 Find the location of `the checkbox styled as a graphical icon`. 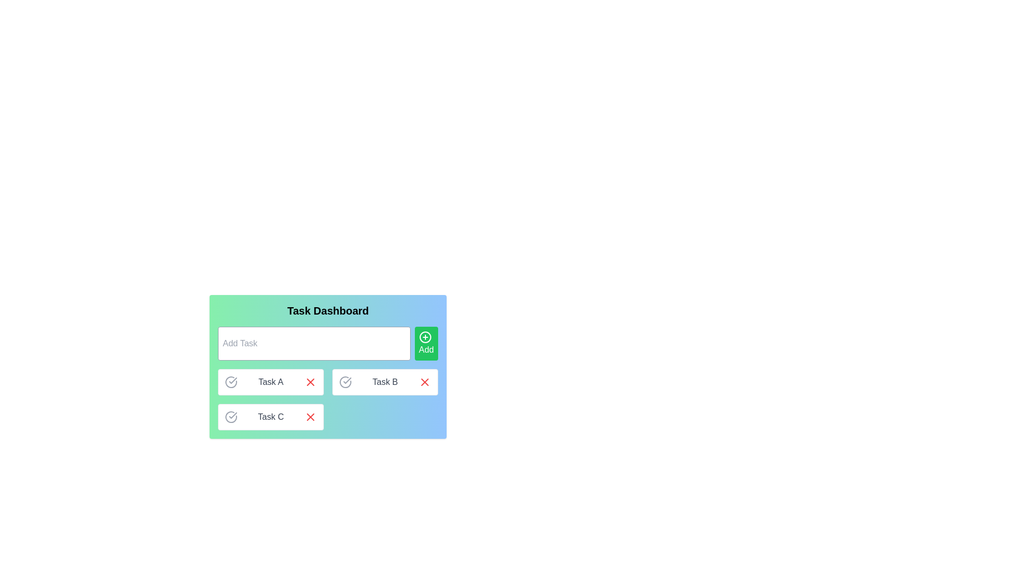

the checkbox styled as a graphical icon is located at coordinates (230, 417).